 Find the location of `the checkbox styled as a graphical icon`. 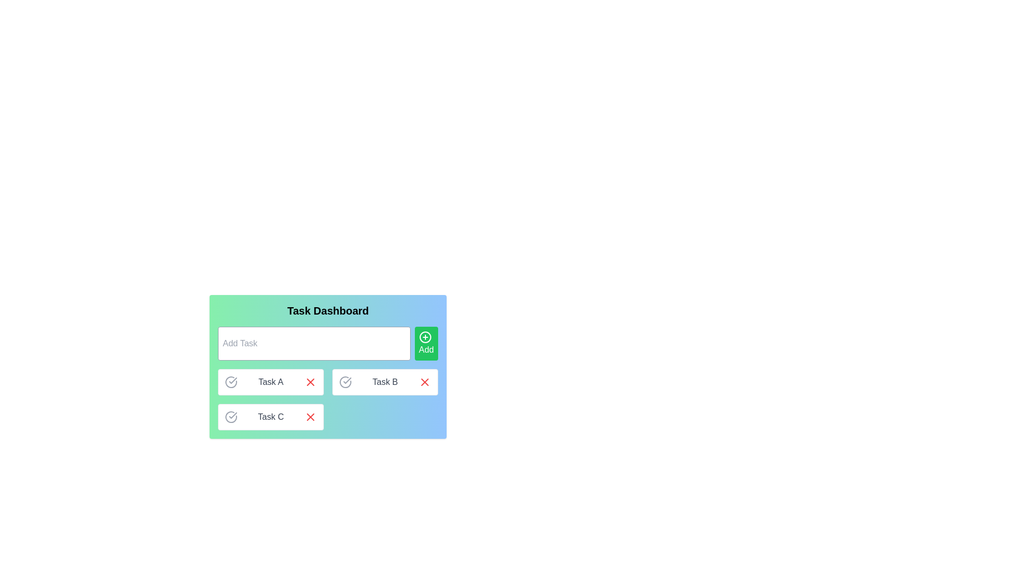

the checkbox styled as a graphical icon is located at coordinates (230, 417).